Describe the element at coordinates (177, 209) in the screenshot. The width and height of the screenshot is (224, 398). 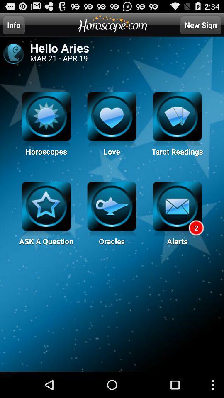
I see `mail inbox` at that location.